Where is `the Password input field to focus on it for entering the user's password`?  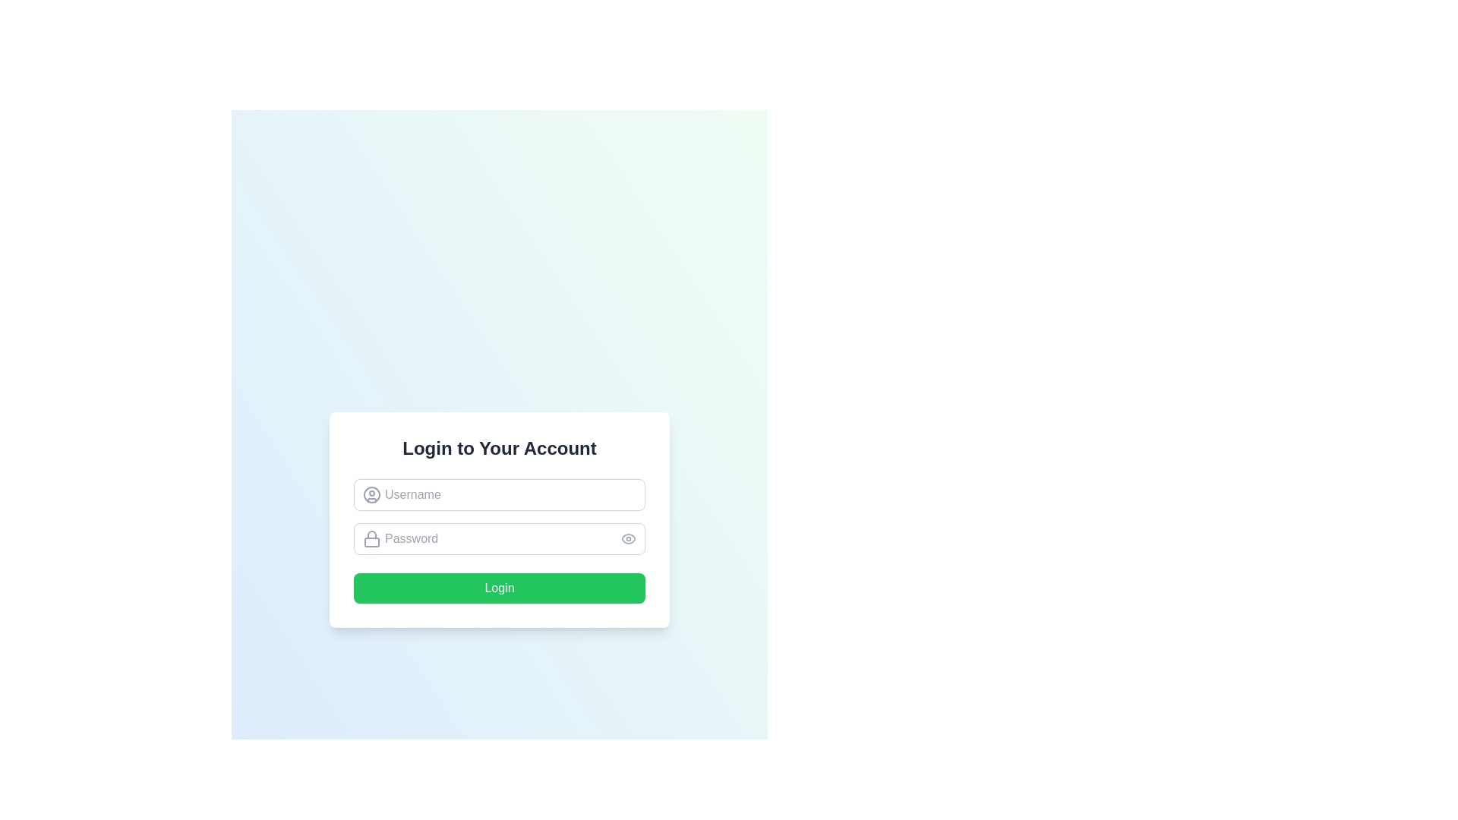 the Password input field to focus on it for entering the user's password is located at coordinates (499, 538).